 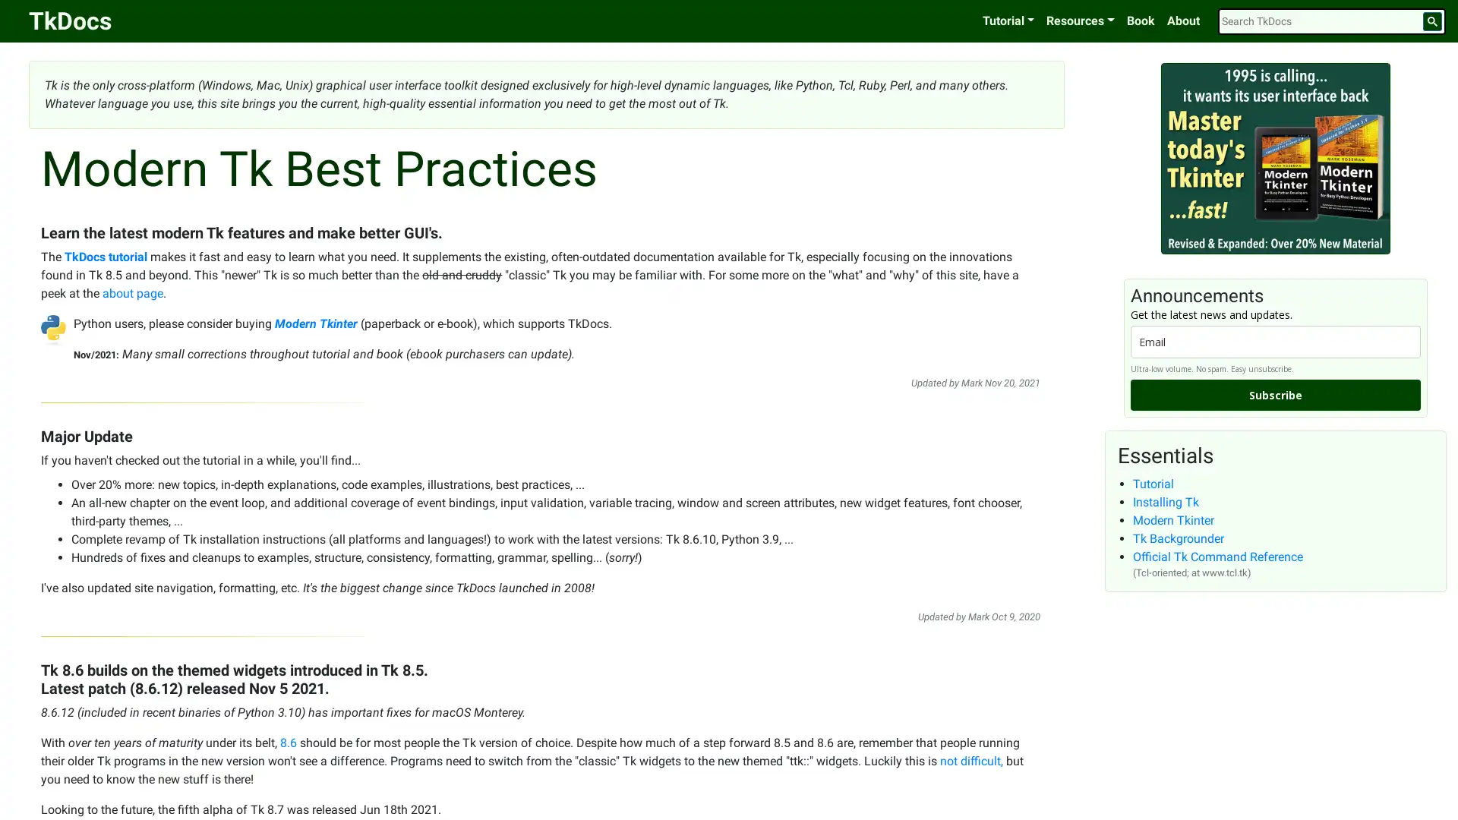 I want to click on Subscribe, so click(x=1276, y=393).